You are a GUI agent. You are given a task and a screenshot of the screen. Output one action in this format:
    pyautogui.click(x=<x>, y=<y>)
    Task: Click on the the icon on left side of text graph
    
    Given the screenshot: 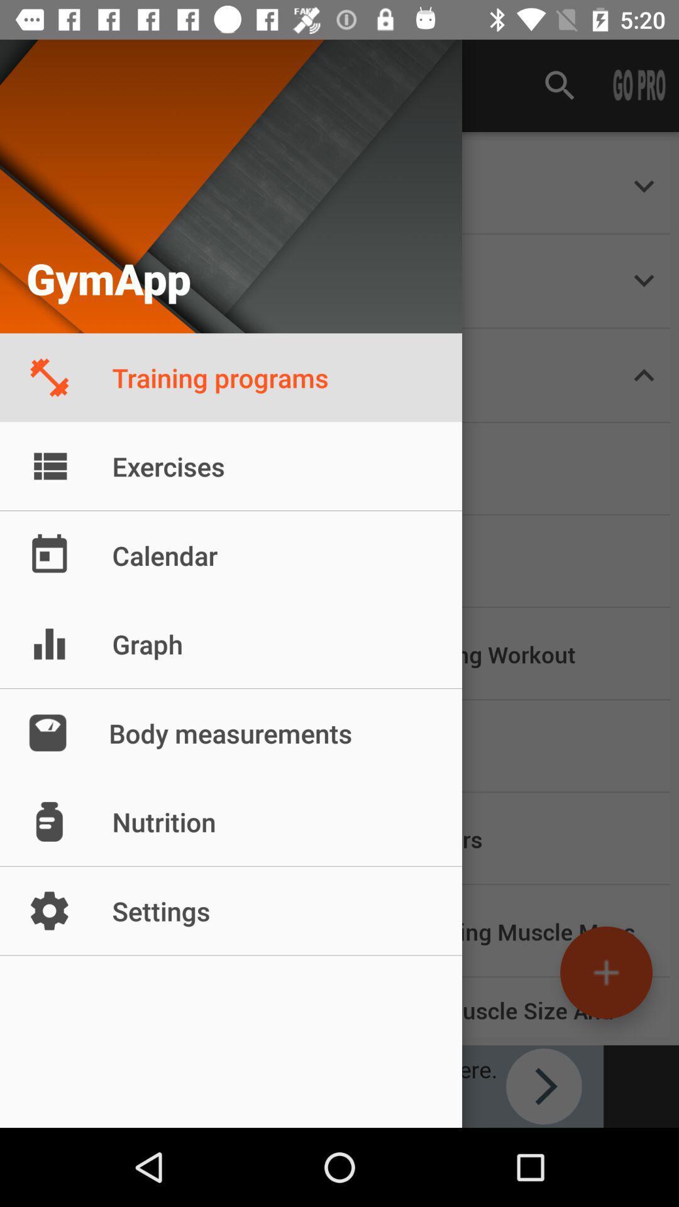 What is the action you would take?
    pyautogui.click(x=48, y=644)
    